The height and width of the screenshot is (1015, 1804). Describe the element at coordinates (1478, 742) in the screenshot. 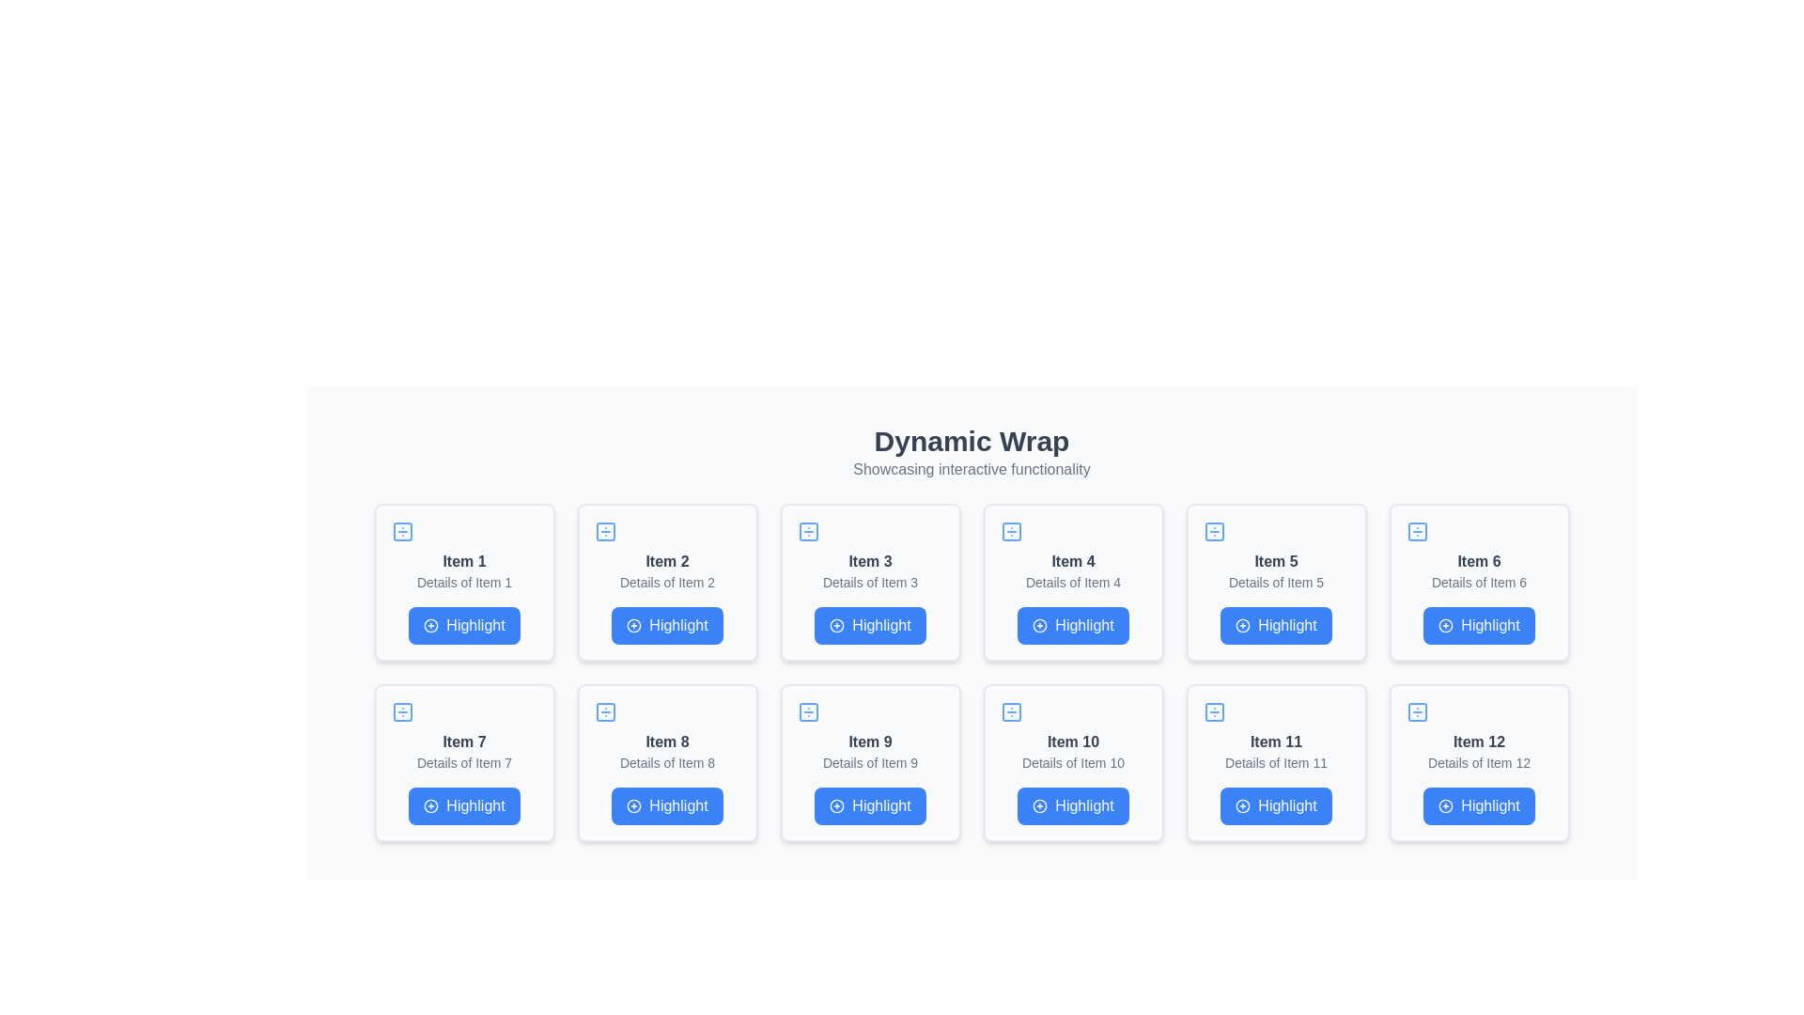

I see `the text label displaying 'Item 12' which is bold, dark gray, and located in the last card of a three-row grid layout on the right side` at that location.